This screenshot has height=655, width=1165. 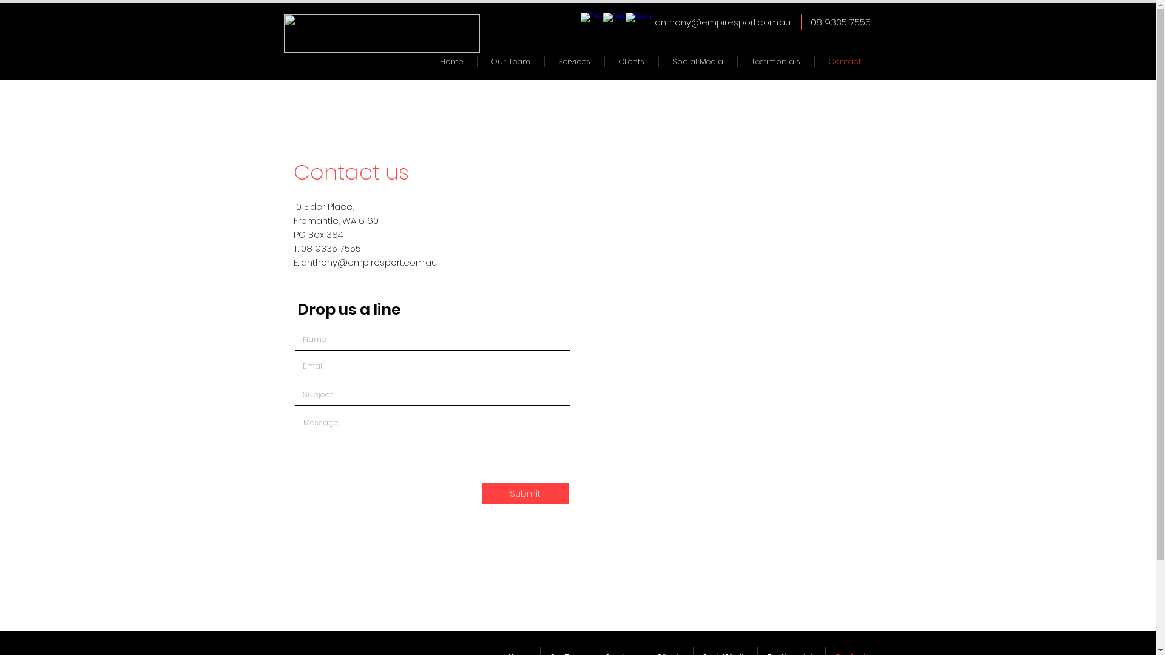 What do you see at coordinates (653, 22) in the screenshot?
I see `'anthony@empiresport.com.au'` at bounding box center [653, 22].